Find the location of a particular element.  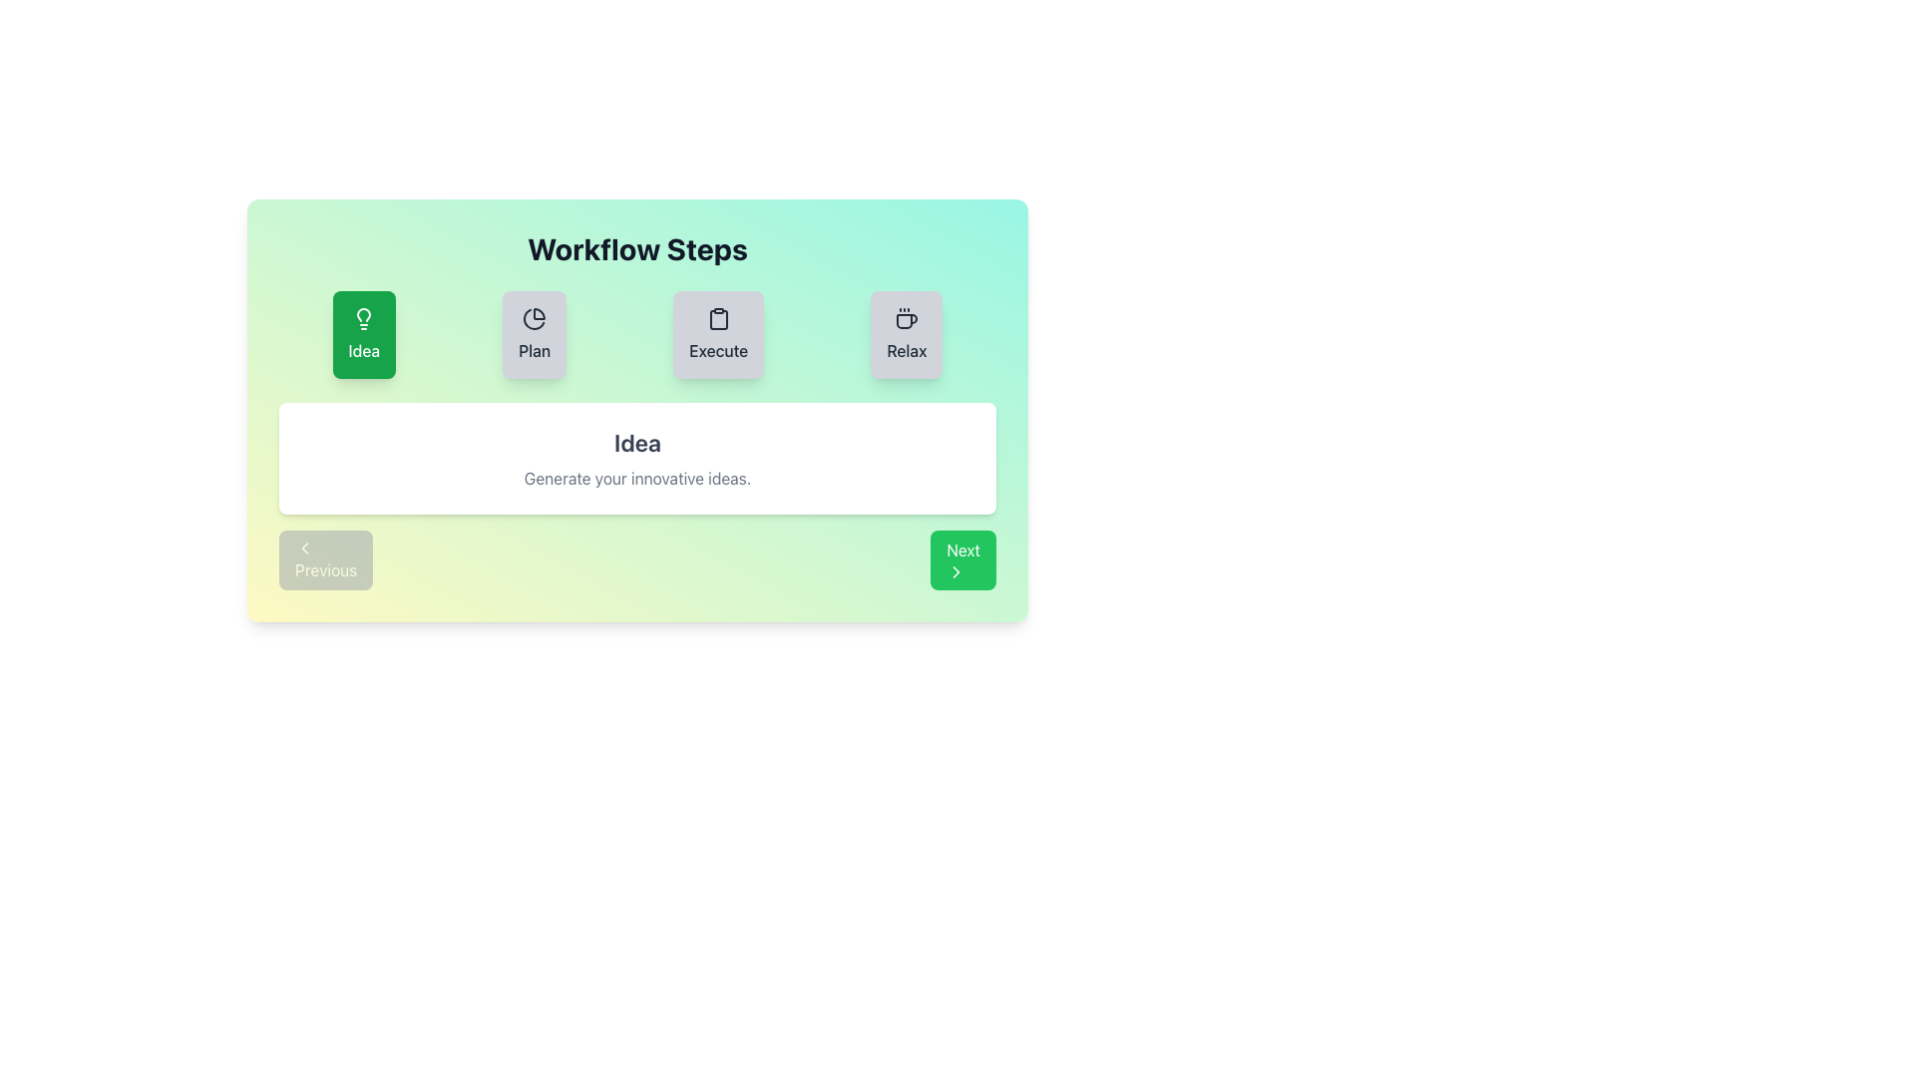

the decorative icon for the 'Relax' button, which is positioned above the text label 'Relax' within the workflow steps interface is located at coordinates (906, 318).